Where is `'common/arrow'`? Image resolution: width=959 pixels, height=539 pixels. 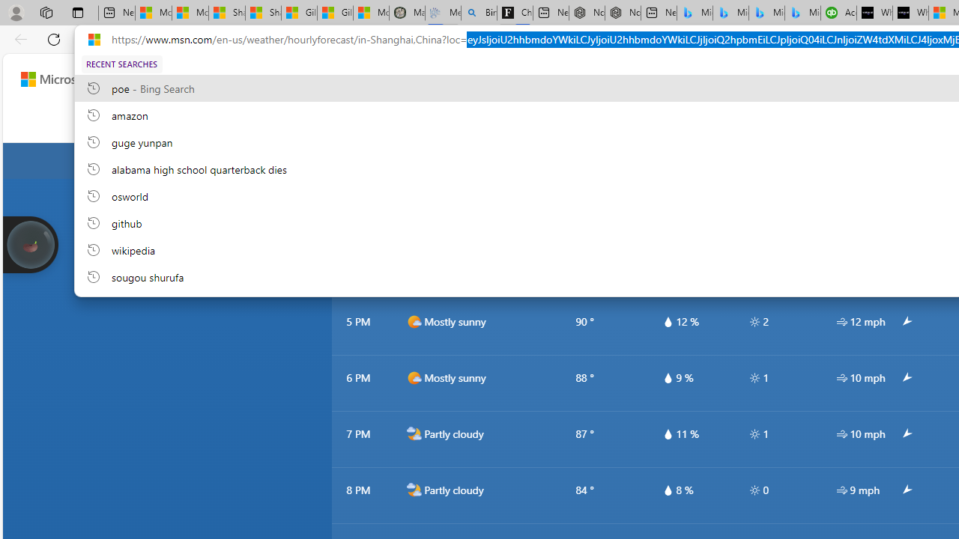
'common/arrow' is located at coordinates (905, 490).